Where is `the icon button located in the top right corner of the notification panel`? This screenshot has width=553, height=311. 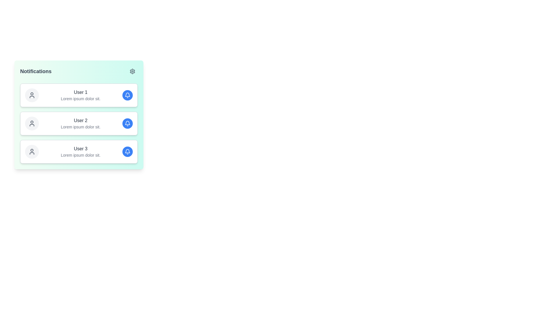 the icon button located in the top right corner of the notification panel is located at coordinates (132, 71).